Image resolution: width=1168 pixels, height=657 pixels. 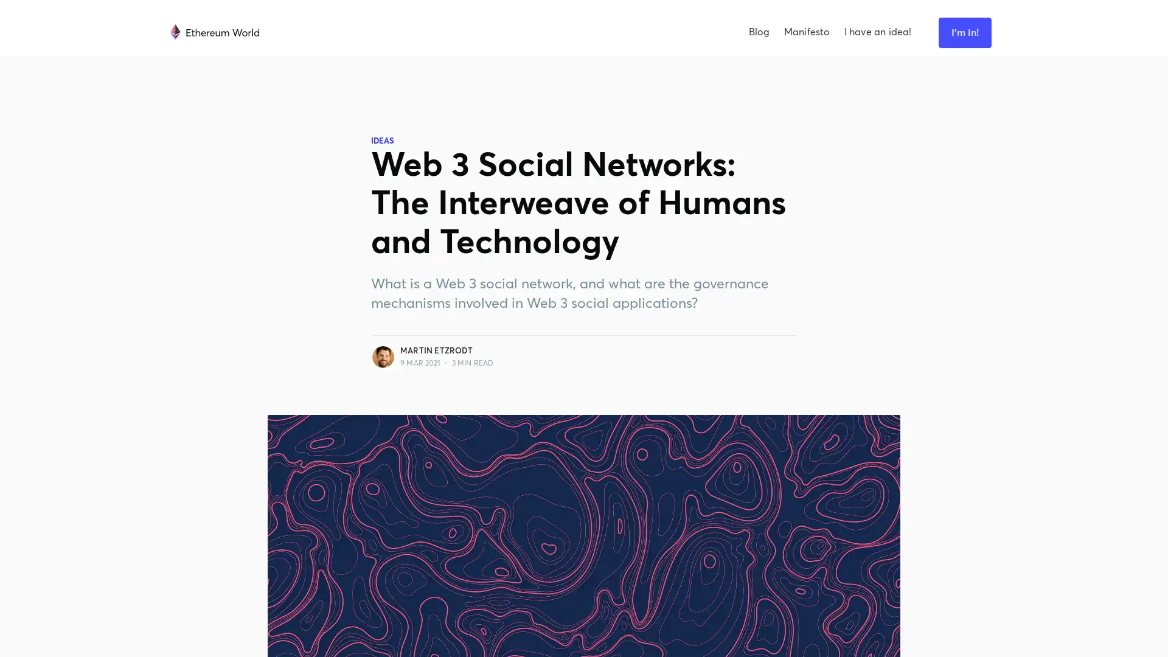 I want to click on Subscribe, so click(x=710, y=345).